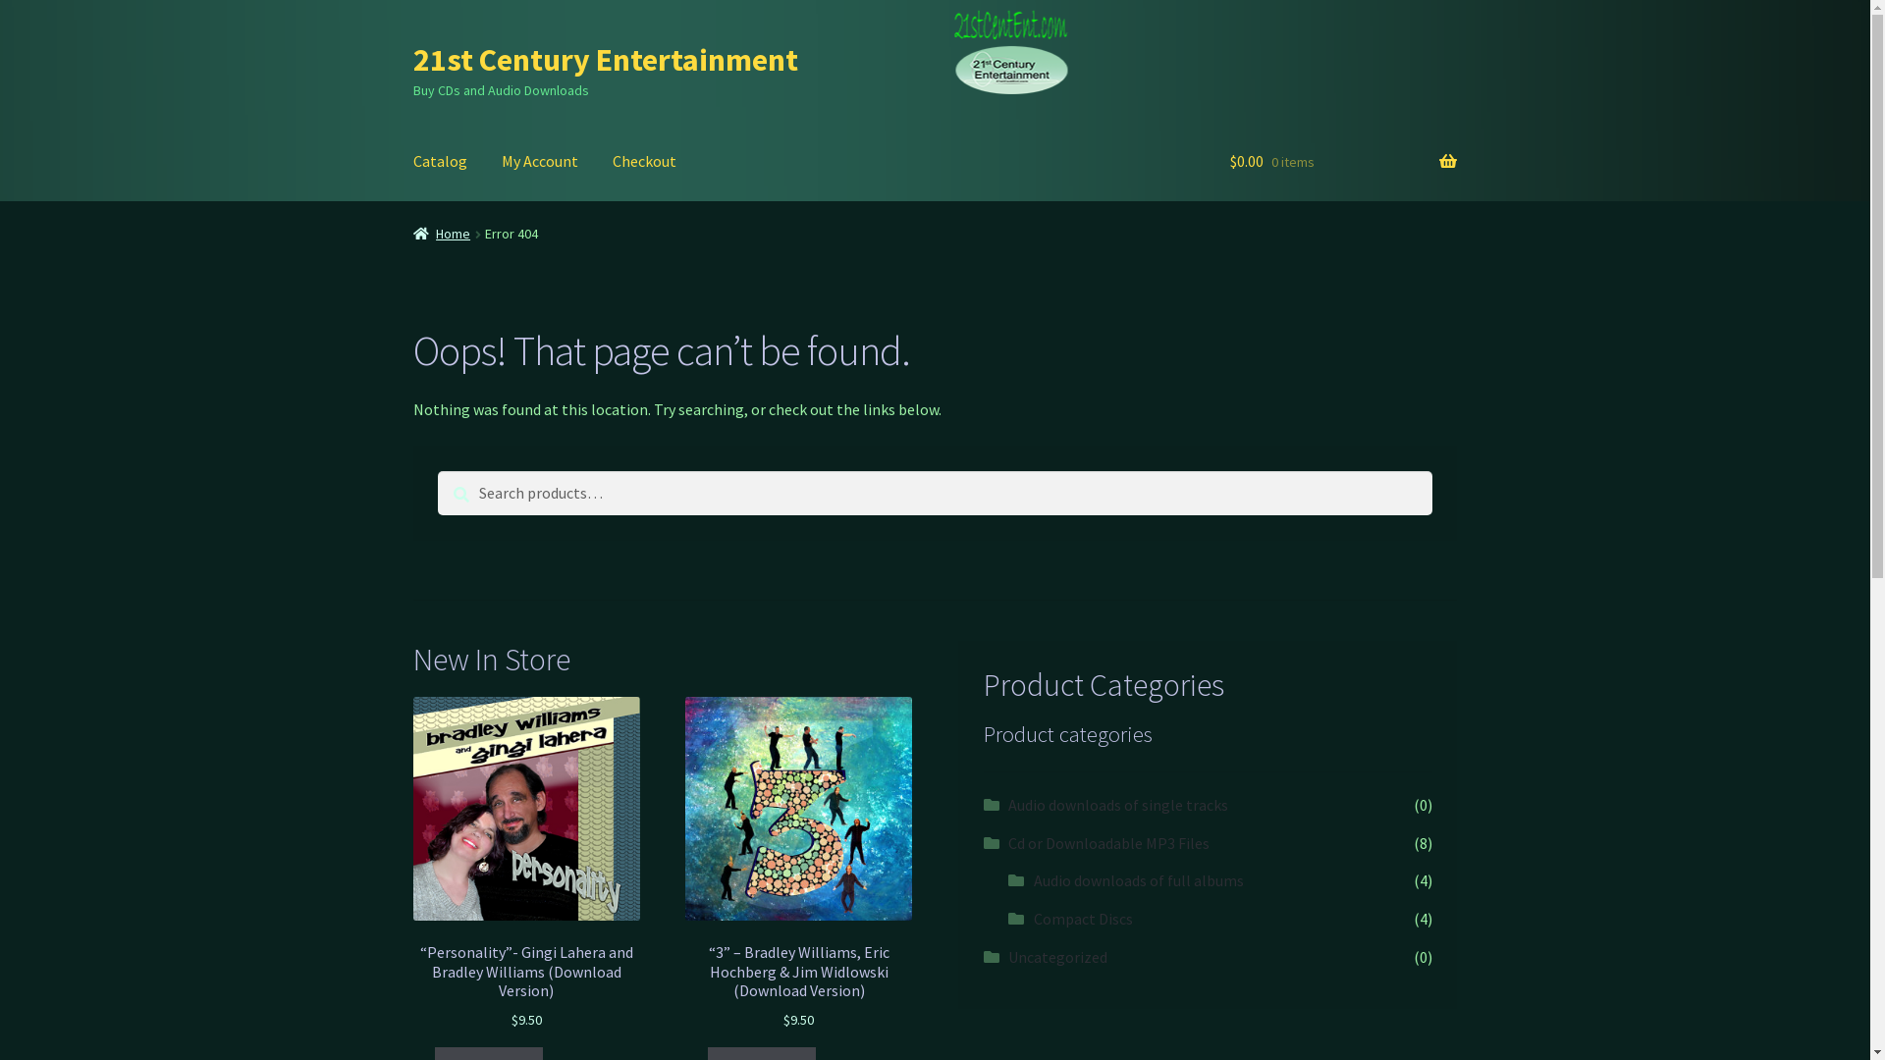 This screenshot has width=1885, height=1060. Describe the element at coordinates (1117, 805) in the screenshot. I see `'Audio downloads of single tracks'` at that location.